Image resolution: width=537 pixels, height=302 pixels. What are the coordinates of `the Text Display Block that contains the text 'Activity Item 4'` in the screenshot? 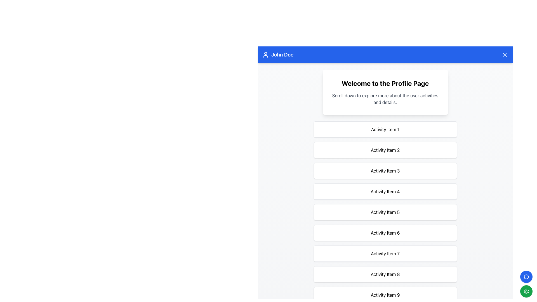 It's located at (385, 191).